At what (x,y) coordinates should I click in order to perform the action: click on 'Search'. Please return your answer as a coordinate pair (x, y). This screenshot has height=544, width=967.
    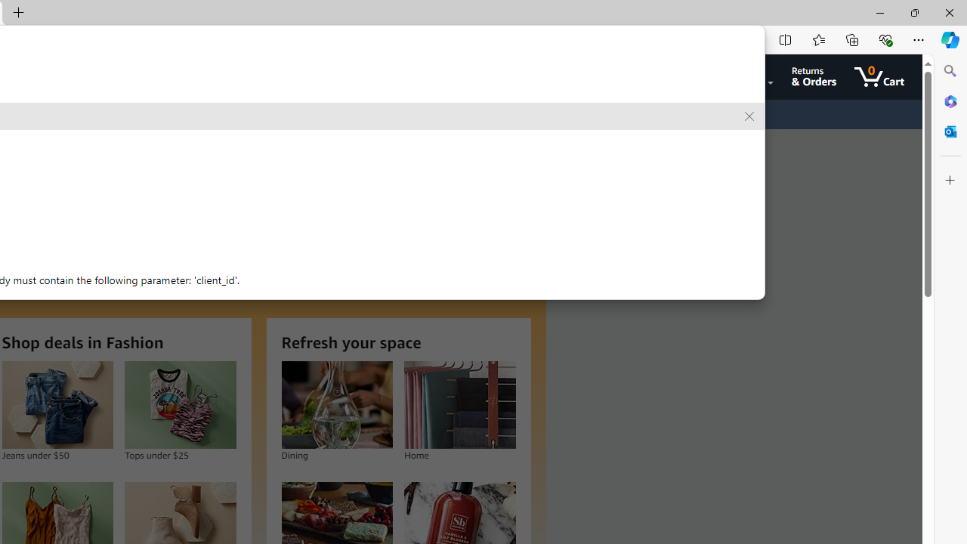
    Looking at the image, I should click on (950, 71).